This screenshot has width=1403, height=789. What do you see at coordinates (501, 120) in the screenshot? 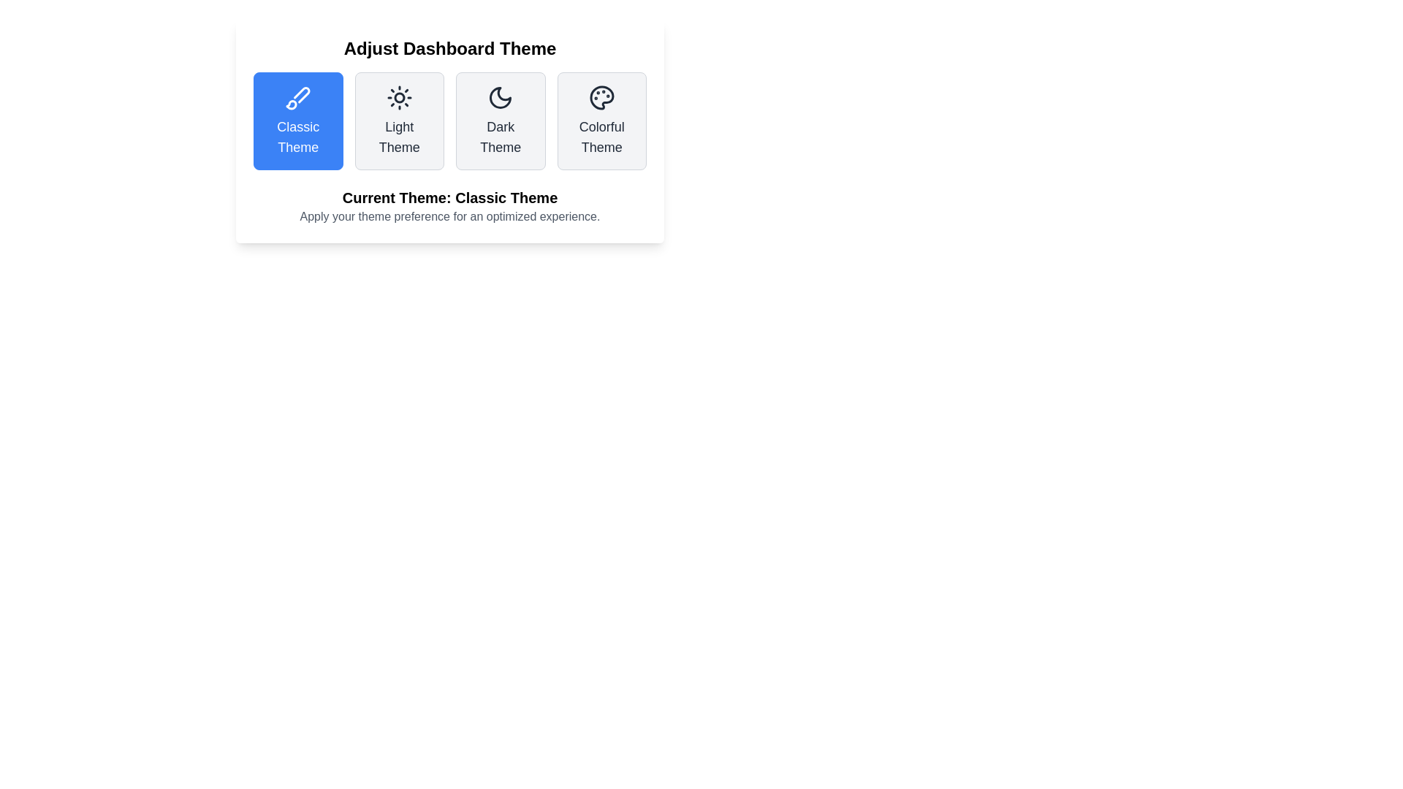
I see `the theme selection button` at bounding box center [501, 120].